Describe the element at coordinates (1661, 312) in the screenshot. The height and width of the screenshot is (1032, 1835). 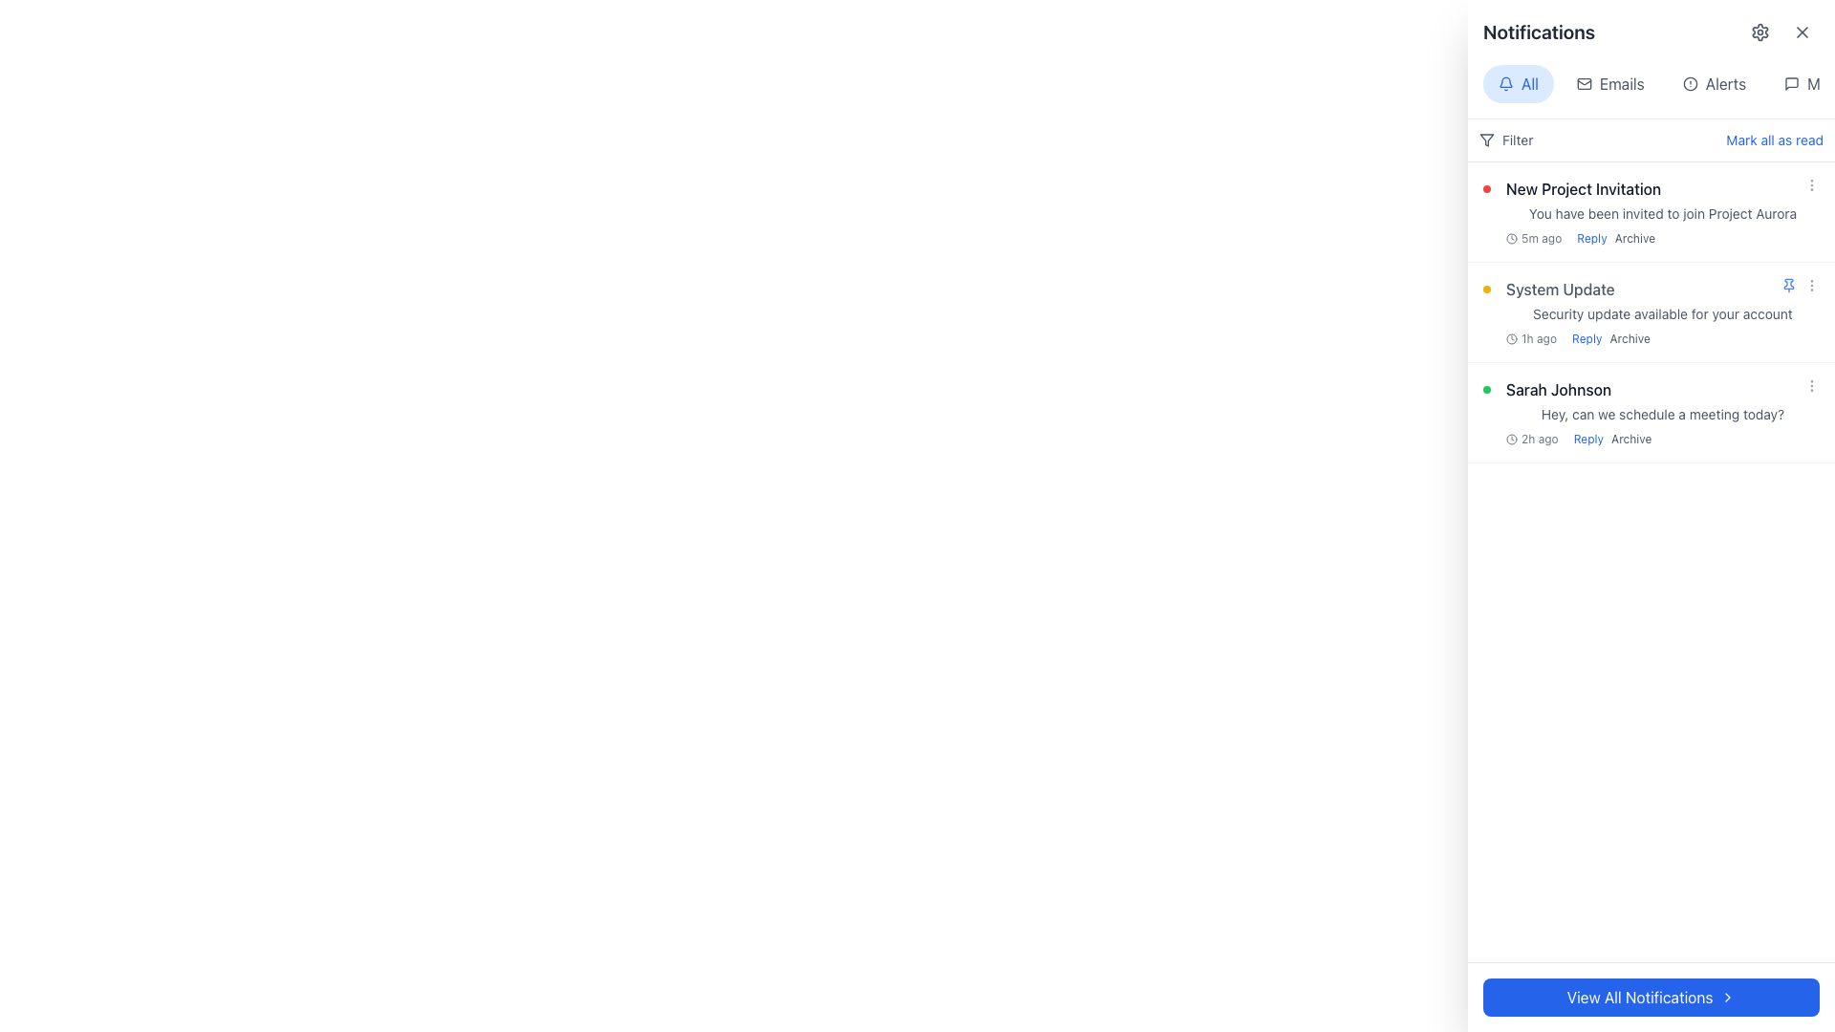
I see `the second notification item titled 'System Update'` at that location.